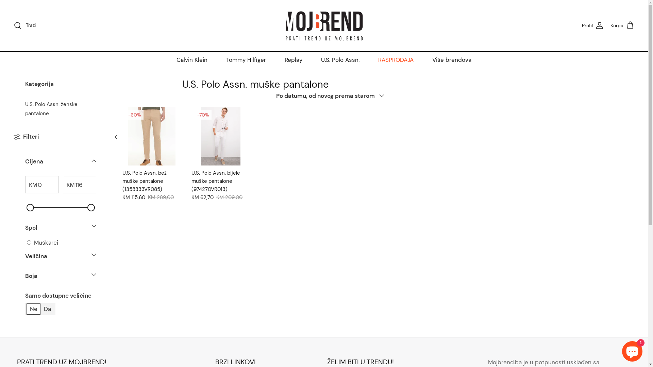  I want to click on 'MojBrend BIH', so click(323, 25).